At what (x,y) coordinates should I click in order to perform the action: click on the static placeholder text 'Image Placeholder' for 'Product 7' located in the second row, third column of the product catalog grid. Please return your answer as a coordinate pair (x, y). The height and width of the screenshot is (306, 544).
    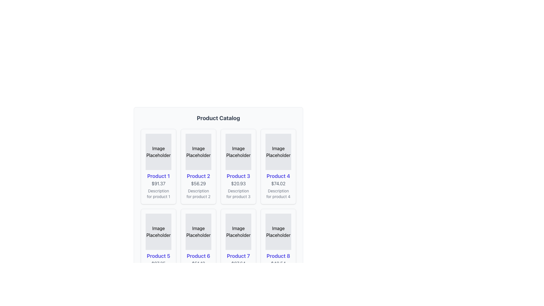
    Looking at the image, I should click on (238, 231).